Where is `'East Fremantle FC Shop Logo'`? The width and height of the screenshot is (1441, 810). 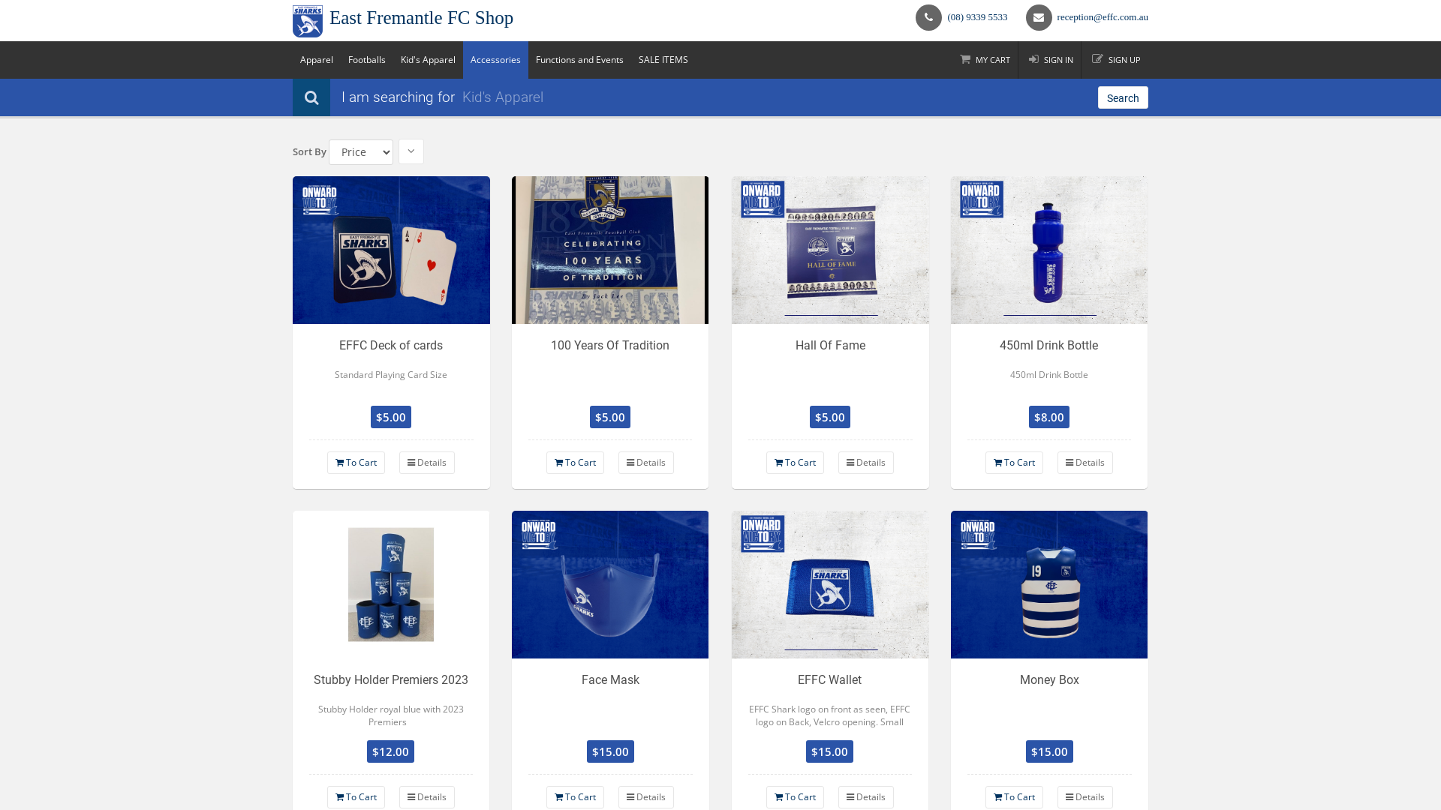 'East Fremantle FC Shop Logo' is located at coordinates (306, 21).